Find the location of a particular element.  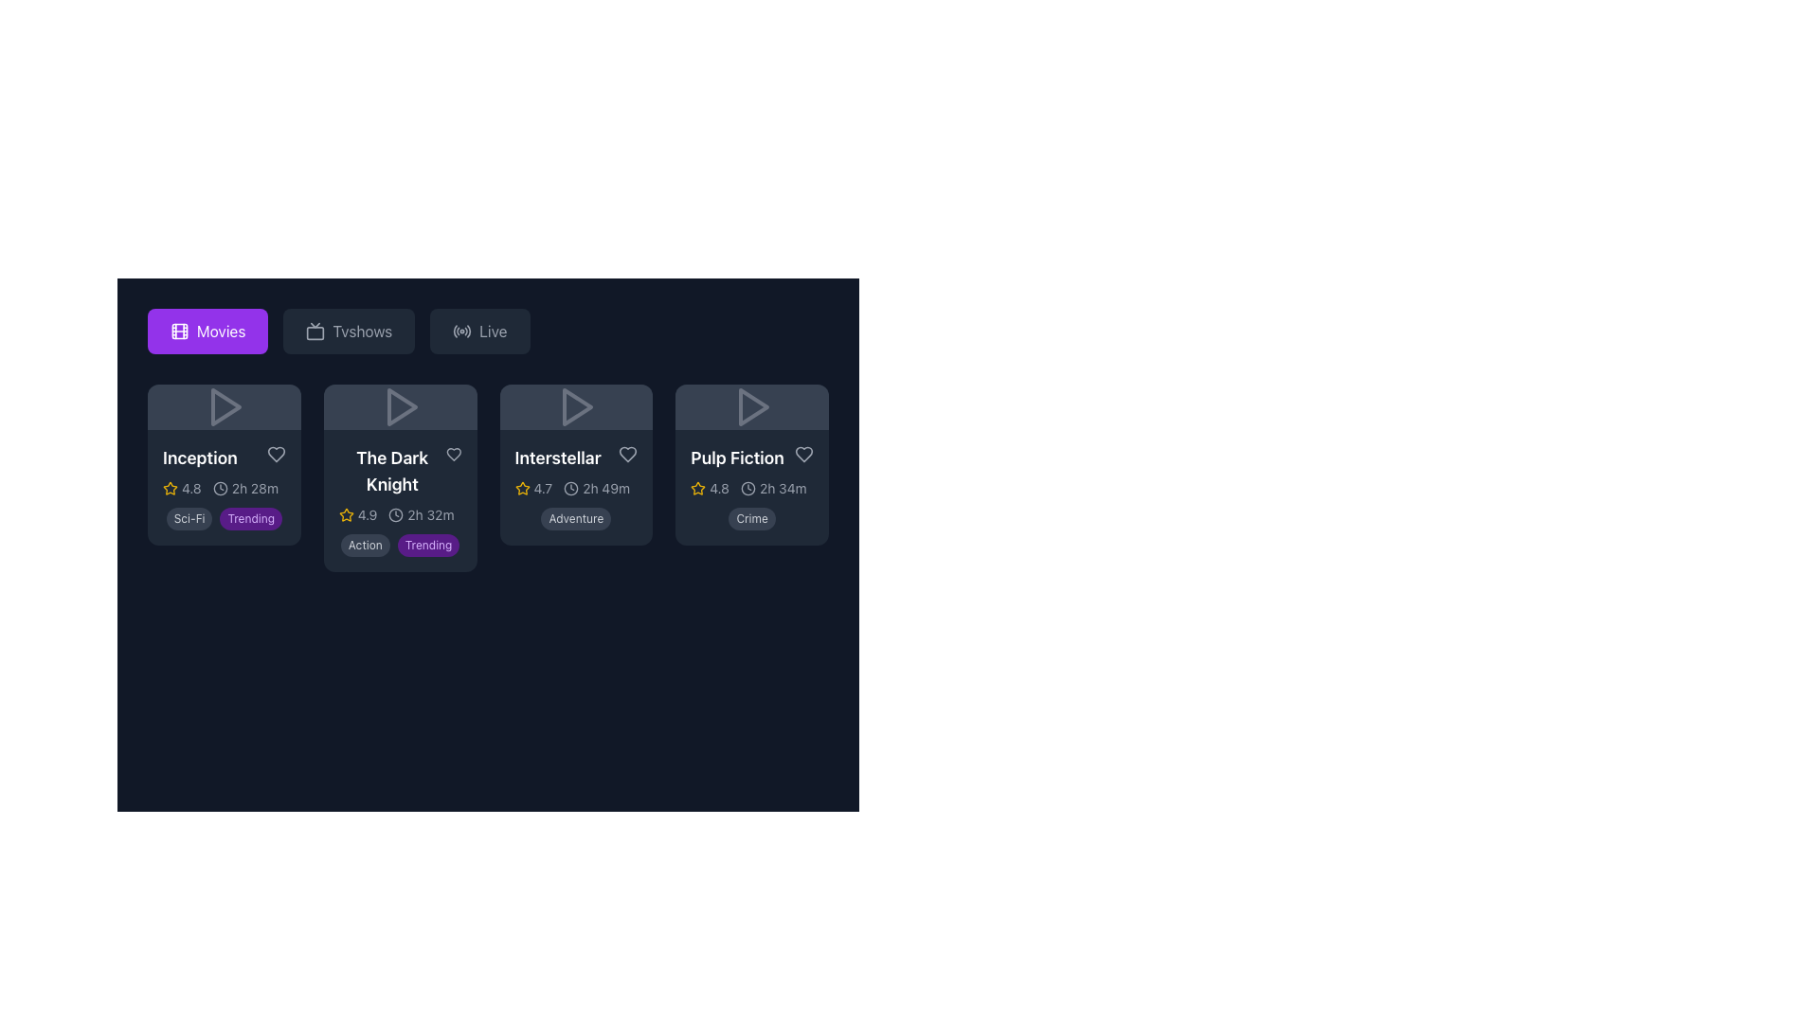

title text of the movie label for 'Pulp Fiction', which is located at the top of the rightmost movie card, above the rating and runtime information is located at coordinates (736, 458).